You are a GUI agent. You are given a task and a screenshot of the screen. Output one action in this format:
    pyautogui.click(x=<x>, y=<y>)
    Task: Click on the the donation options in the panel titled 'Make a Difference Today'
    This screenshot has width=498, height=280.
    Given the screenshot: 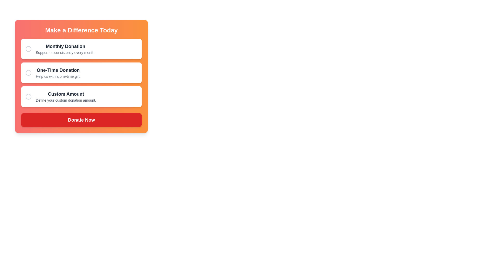 What is the action you would take?
    pyautogui.click(x=81, y=76)
    